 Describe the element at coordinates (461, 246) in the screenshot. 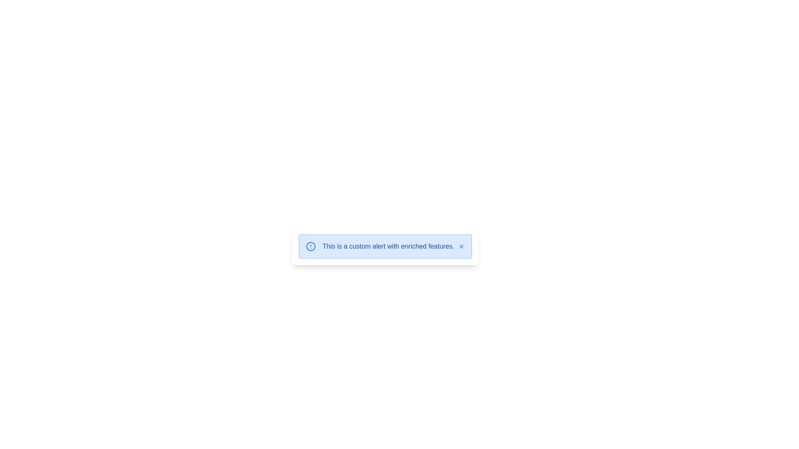

I see `the close ('X') button located at the rightmost part of the alert box` at that location.